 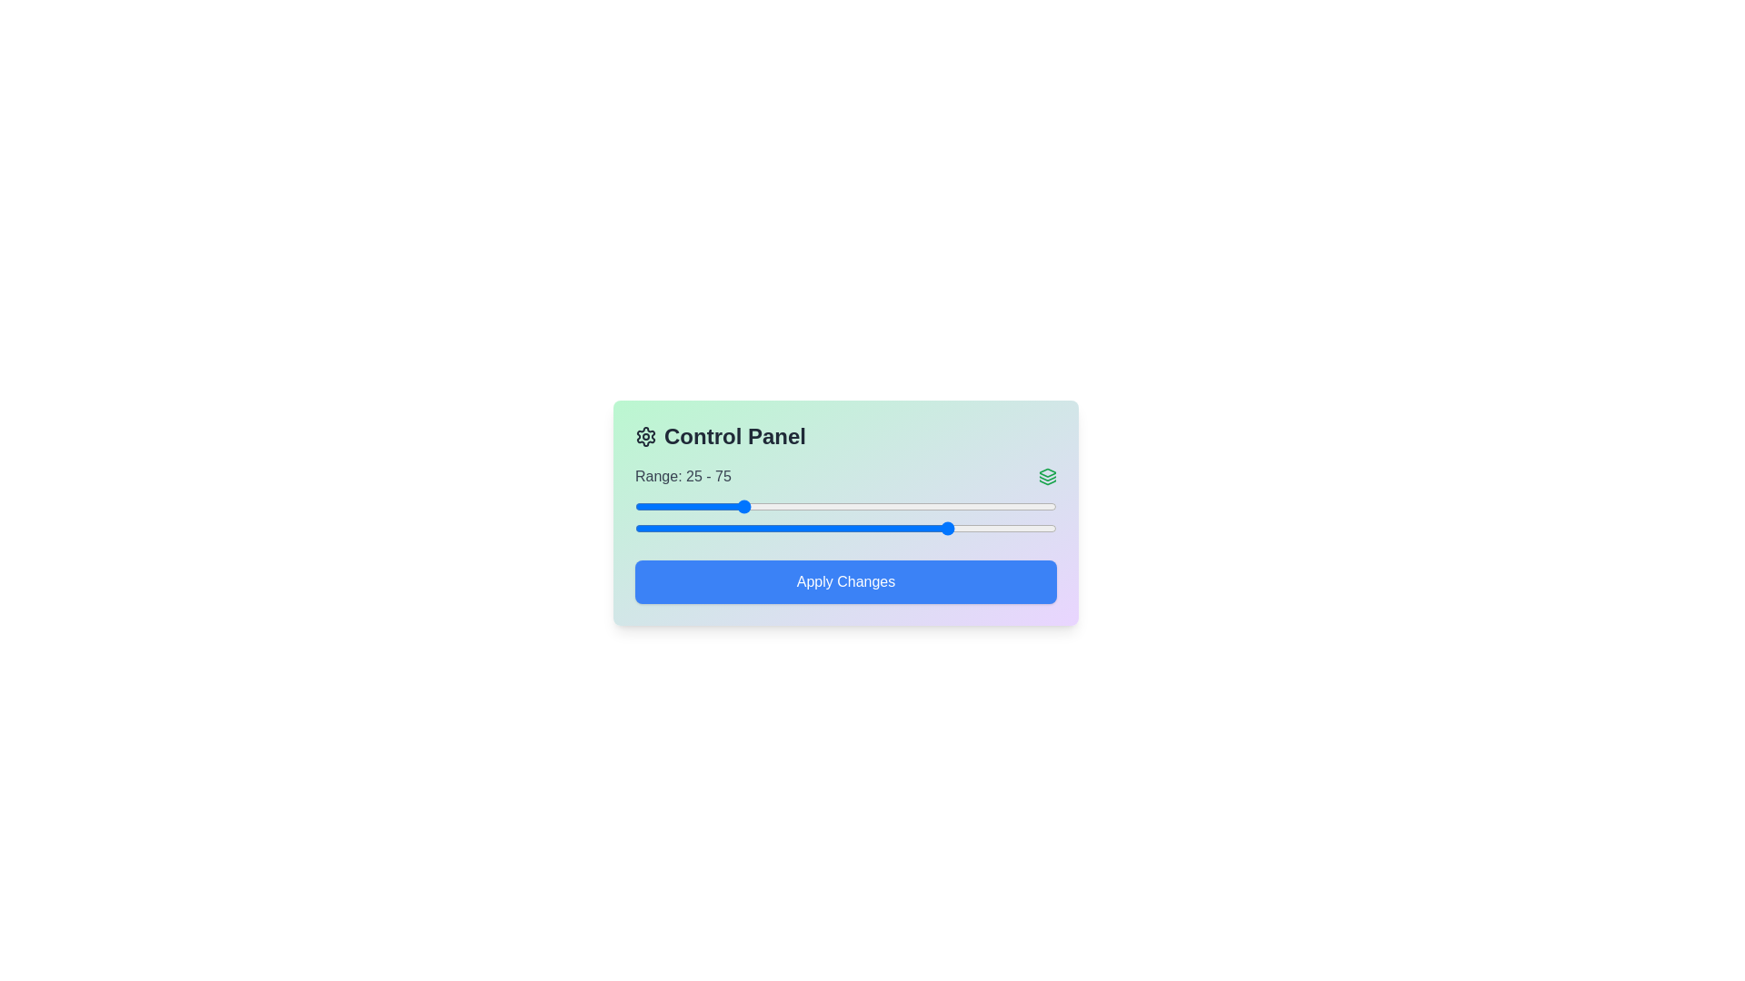 I want to click on the left slider to set the starting value to 53, so click(x=857, y=507).